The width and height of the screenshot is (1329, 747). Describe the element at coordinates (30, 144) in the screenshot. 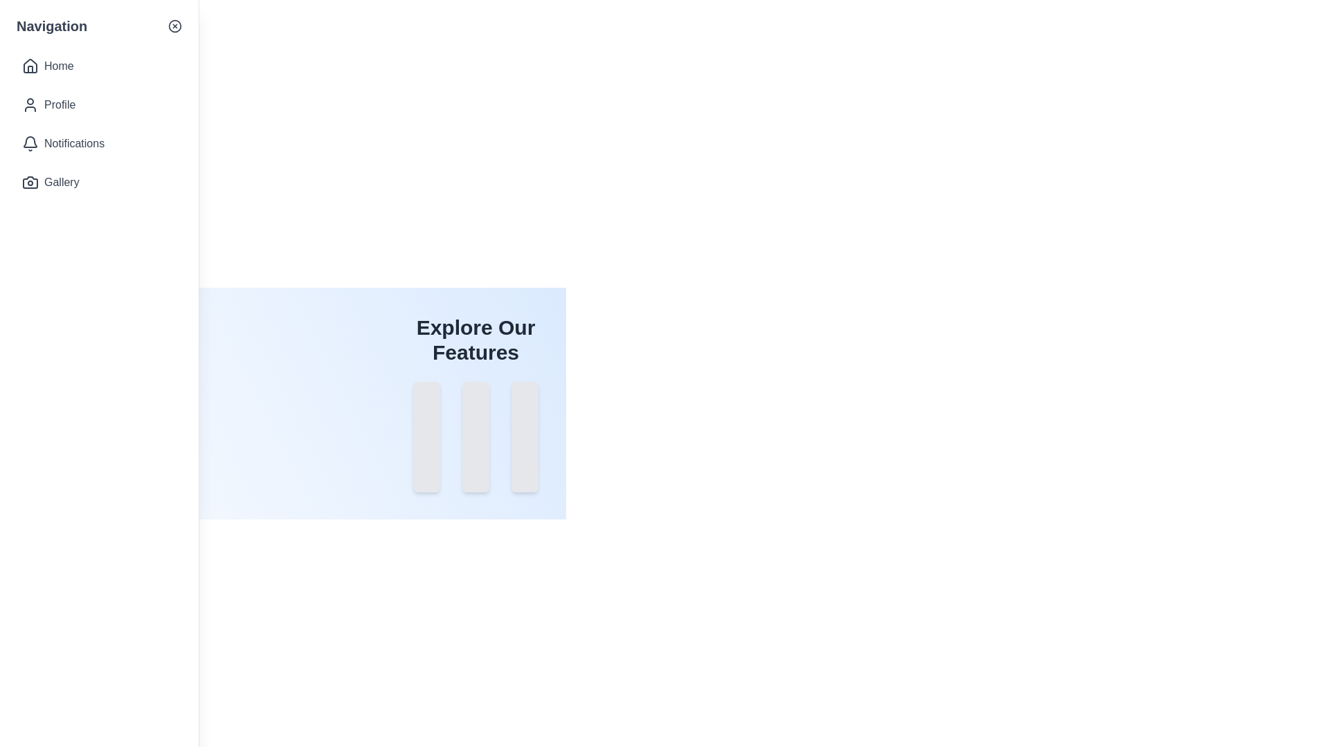

I see `the notifications icon located in the left navigation menu, which is positioned immediately before the text 'Notifications'` at that location.